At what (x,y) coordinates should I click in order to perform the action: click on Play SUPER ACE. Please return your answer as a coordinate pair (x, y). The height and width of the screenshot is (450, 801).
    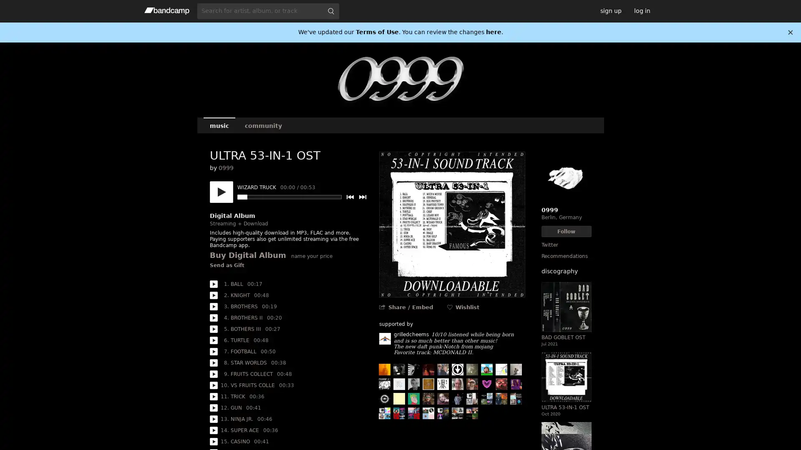
    Looking at the image, I should click on (213, 430).